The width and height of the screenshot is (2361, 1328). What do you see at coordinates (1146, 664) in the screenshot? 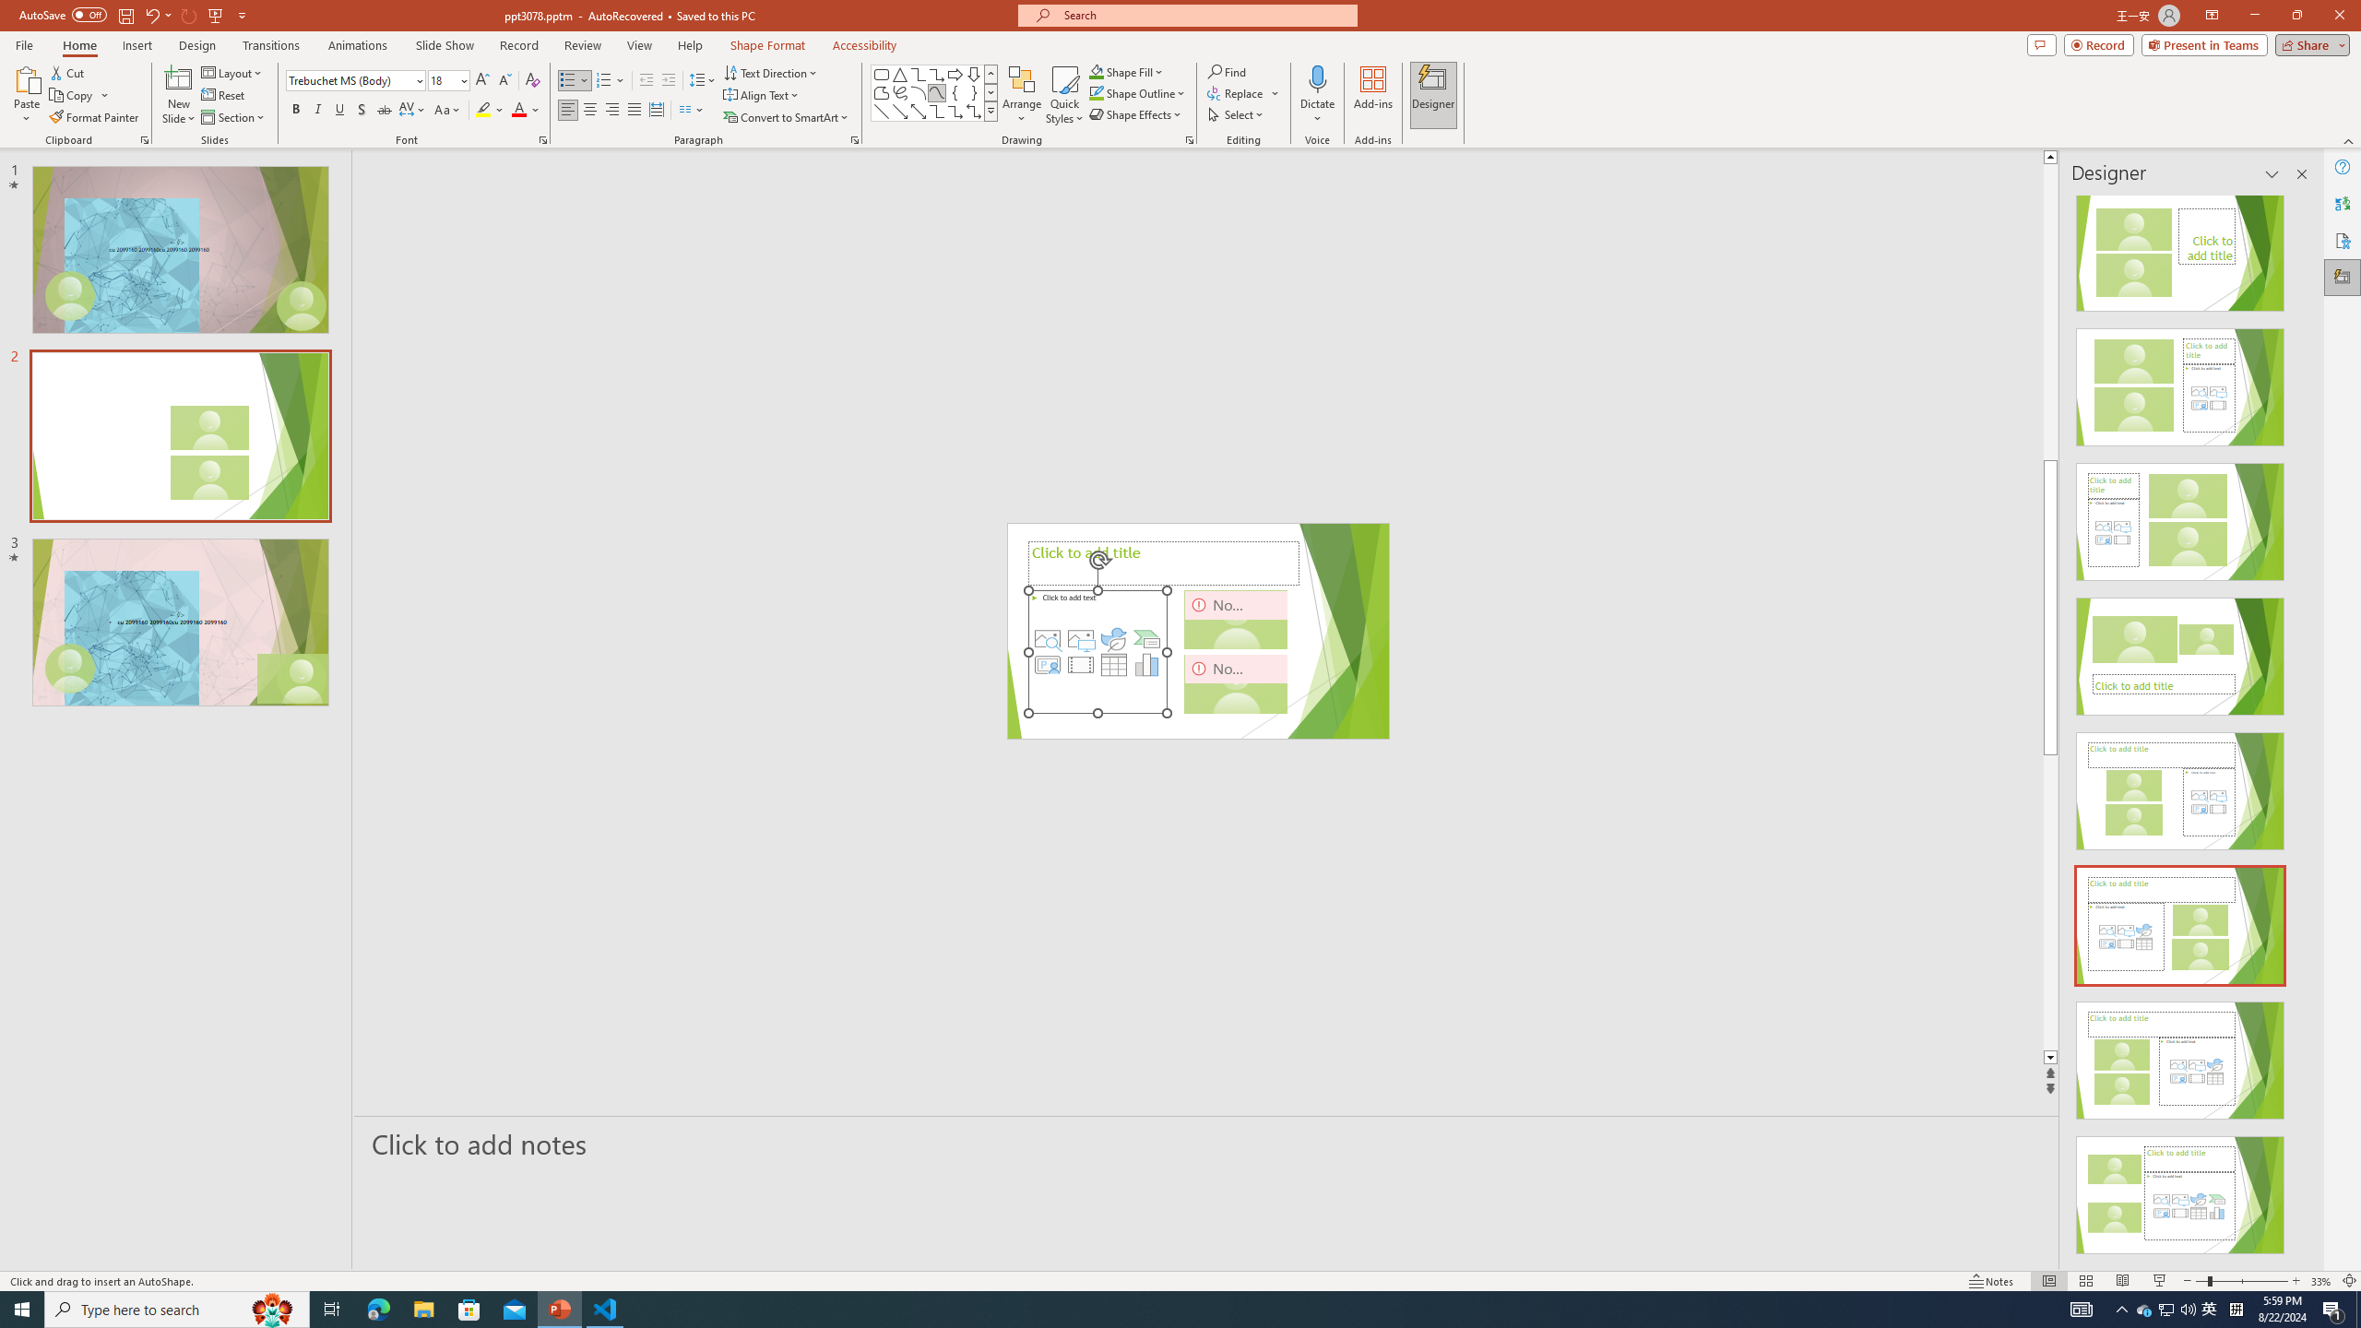
I see `'Insert Chart'` at bounding box center [1146, 664].